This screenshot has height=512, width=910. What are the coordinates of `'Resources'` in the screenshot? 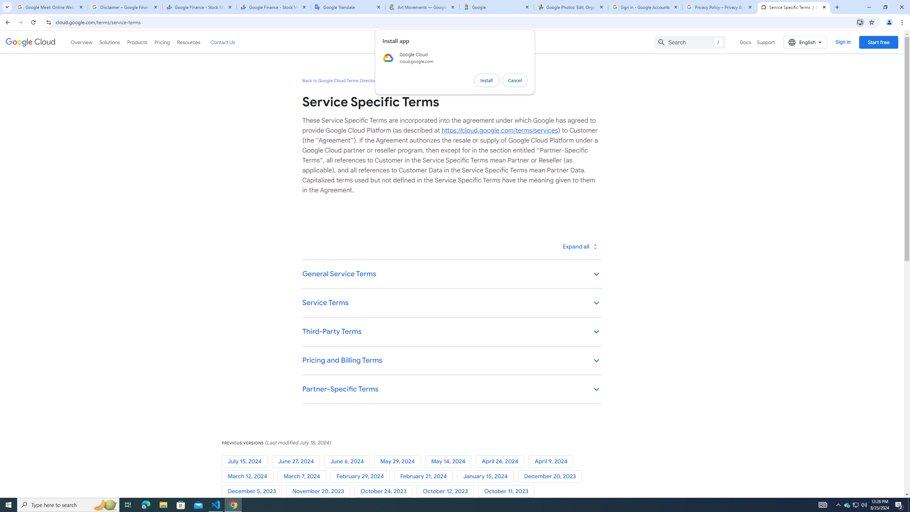 It's located at (188, 42).